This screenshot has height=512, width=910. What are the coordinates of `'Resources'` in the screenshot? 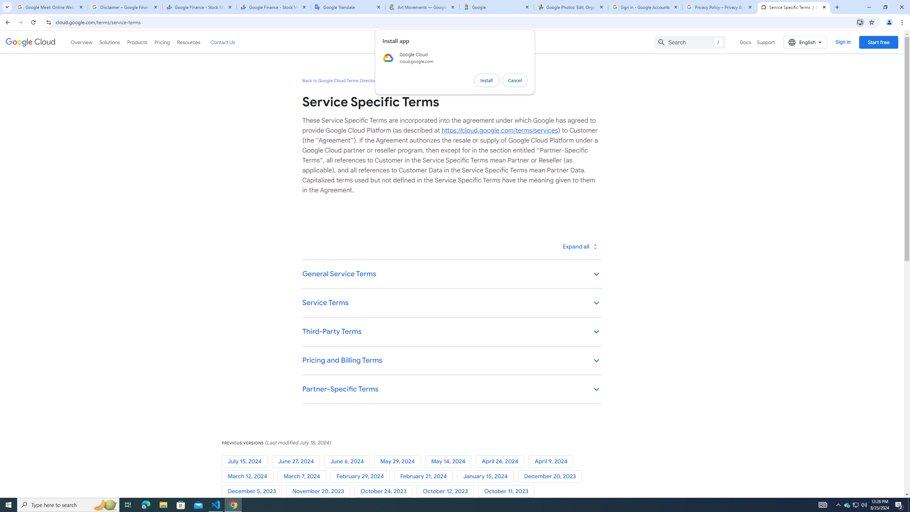 It's located at (188, 42).